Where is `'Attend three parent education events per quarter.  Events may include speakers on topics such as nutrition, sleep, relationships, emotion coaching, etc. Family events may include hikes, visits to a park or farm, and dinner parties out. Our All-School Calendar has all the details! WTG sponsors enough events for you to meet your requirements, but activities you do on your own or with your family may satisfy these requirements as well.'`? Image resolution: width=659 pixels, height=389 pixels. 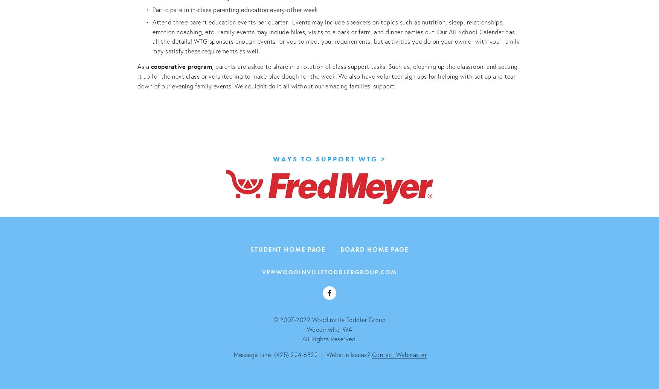
'Attend three parent education events per quarter.  Events may include speakers on topics such as nutrition, sleep, relationships, emotion coaching, etc. Family events may include hikes, visits to a park or farm, and dinner parties out. Our All-School Calendar has all the details! WTG sponsors enough events for you to meet your requirements, but activities you do on your own or with your family may satisfy these requirements as well.' is located at coordinates (336, 36).